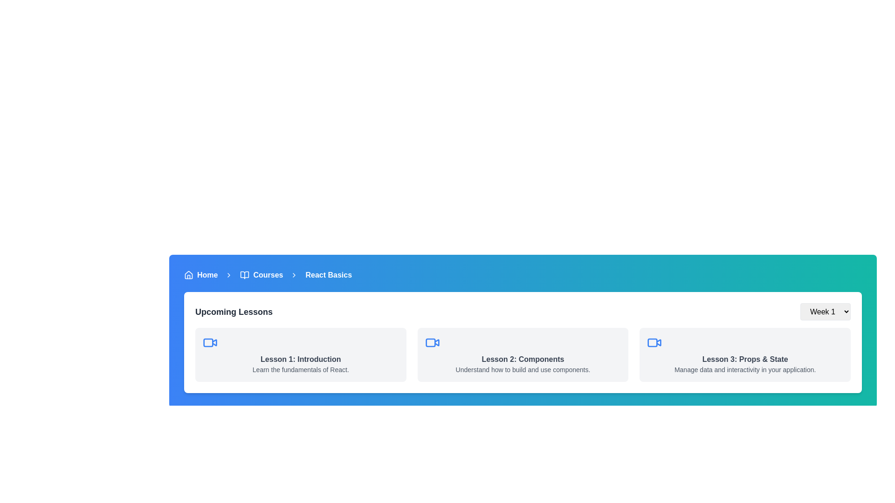 The height and width of the screenshot is (503, 895). I want to click on the blue video icon located at the upper-left corner of the 'Lesson 1: Introduction' block, which features a rectangle and a triangle to indicate its multimedia function, so click(210, 343).